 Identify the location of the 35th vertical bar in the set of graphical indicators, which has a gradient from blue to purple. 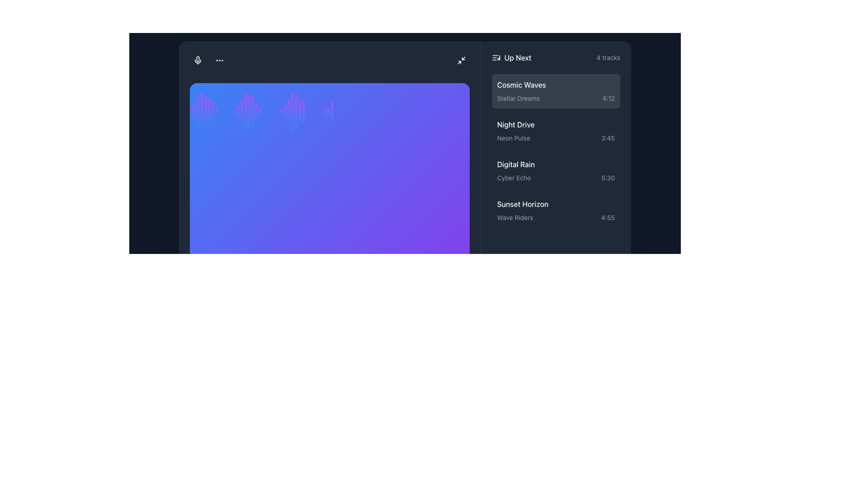
(328, 111).